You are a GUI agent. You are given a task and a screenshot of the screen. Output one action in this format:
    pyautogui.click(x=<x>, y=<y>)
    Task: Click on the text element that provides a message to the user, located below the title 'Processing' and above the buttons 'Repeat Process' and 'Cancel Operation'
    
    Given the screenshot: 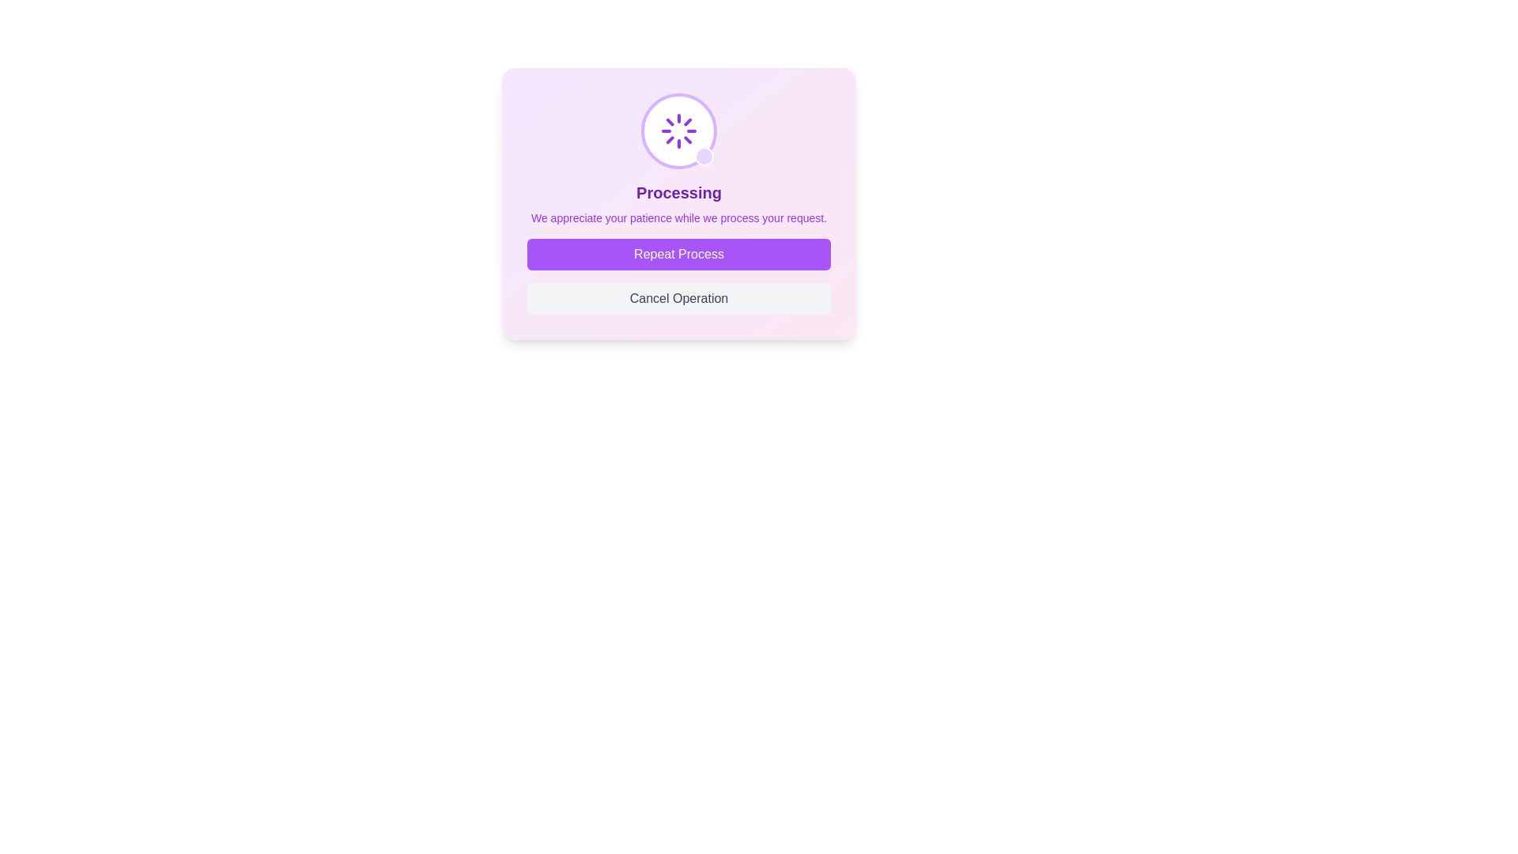 What is the action you would take?
    pyautogui.click(x=679, y=218)
    